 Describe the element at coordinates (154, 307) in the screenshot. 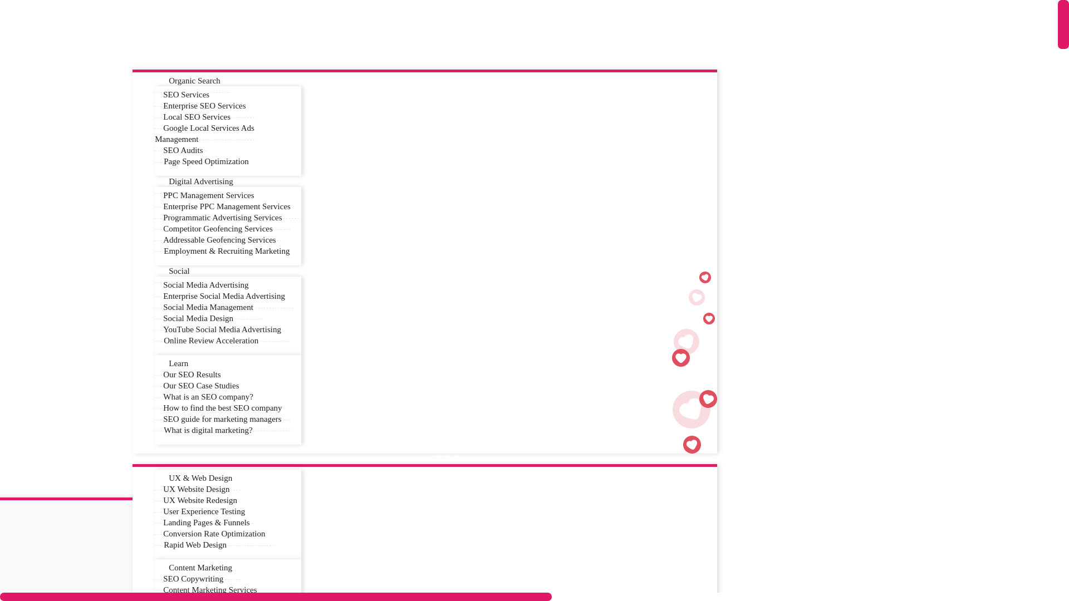

I see `'Social Media Management'` at that location.